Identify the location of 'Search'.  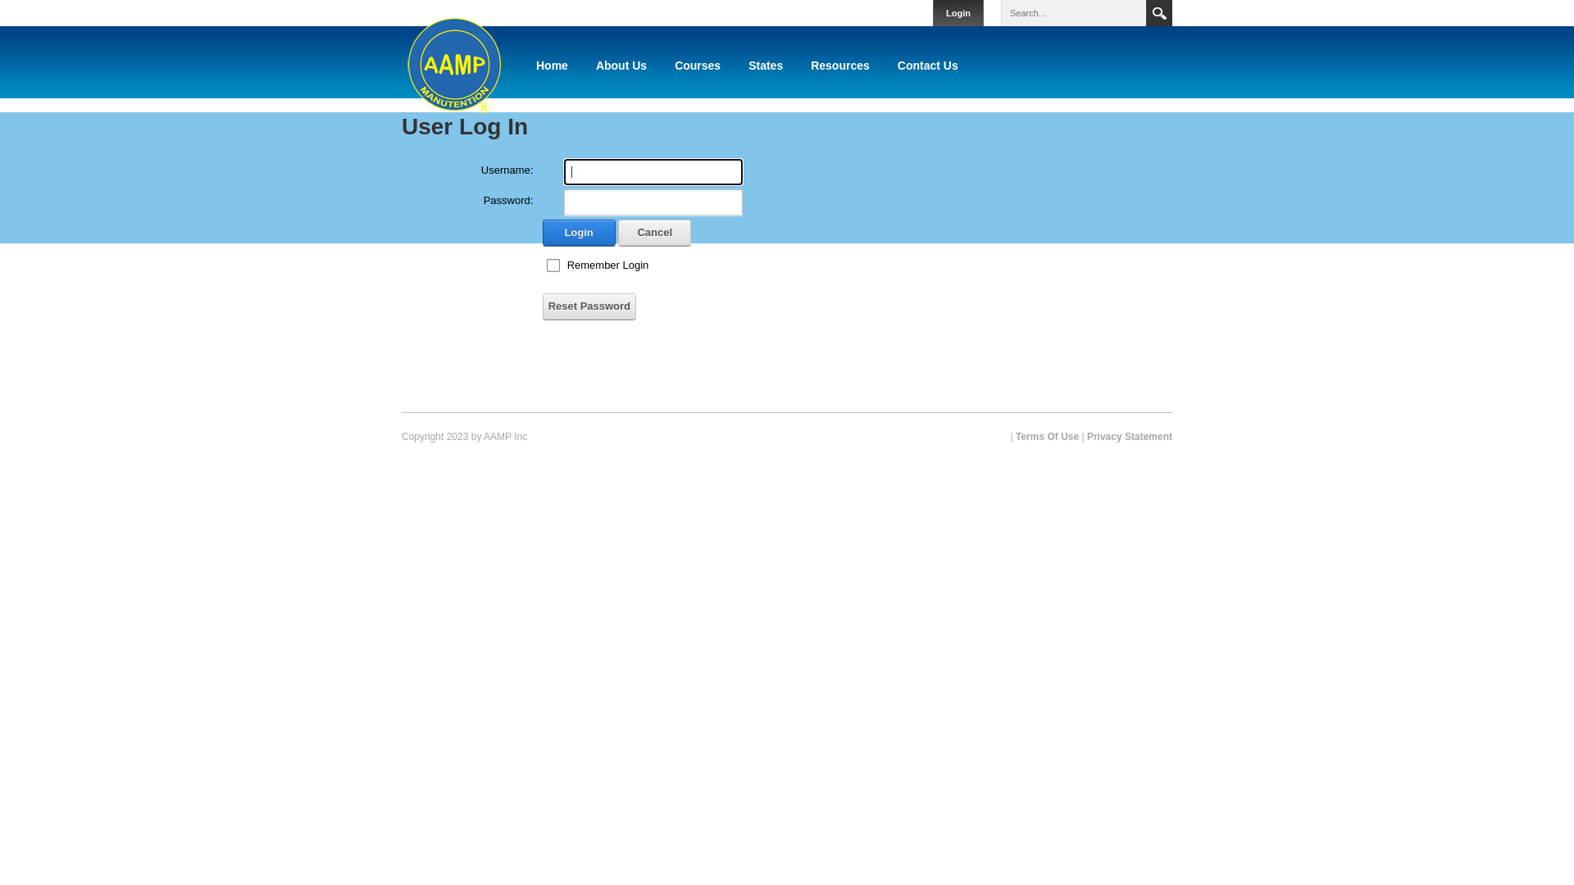
(1158, 12).